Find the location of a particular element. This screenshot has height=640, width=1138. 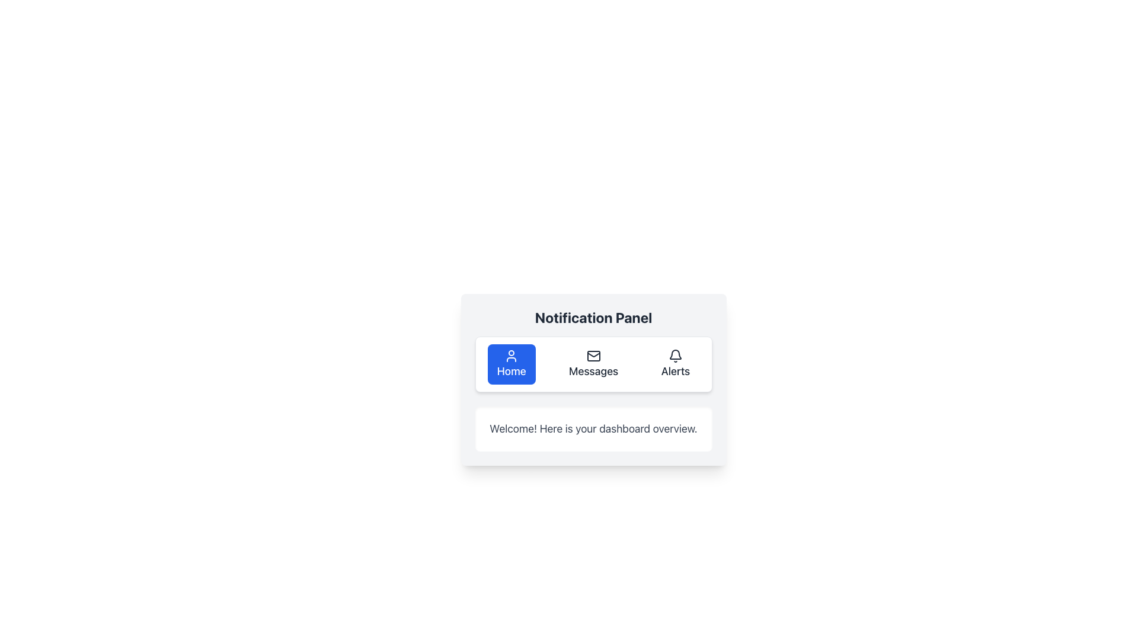

the SVG graphical representation of the outlined envelope icon located in the middle segment of the header navigation section, positioned between the 'Home' and 'Alerts' icons is located at coordinates (593, 356).